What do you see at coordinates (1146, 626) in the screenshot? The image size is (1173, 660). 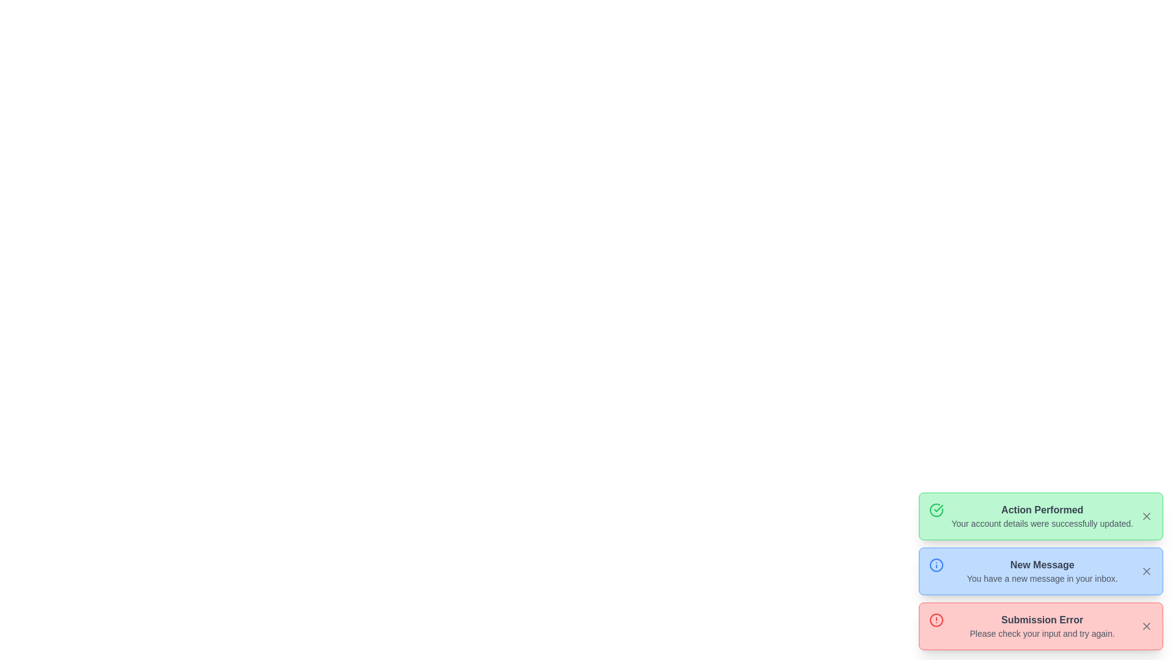 I see `the 'X' icon button in light gray located on the right edge of the 'Submission Error' notification box` at bounding box center [1146, 626].